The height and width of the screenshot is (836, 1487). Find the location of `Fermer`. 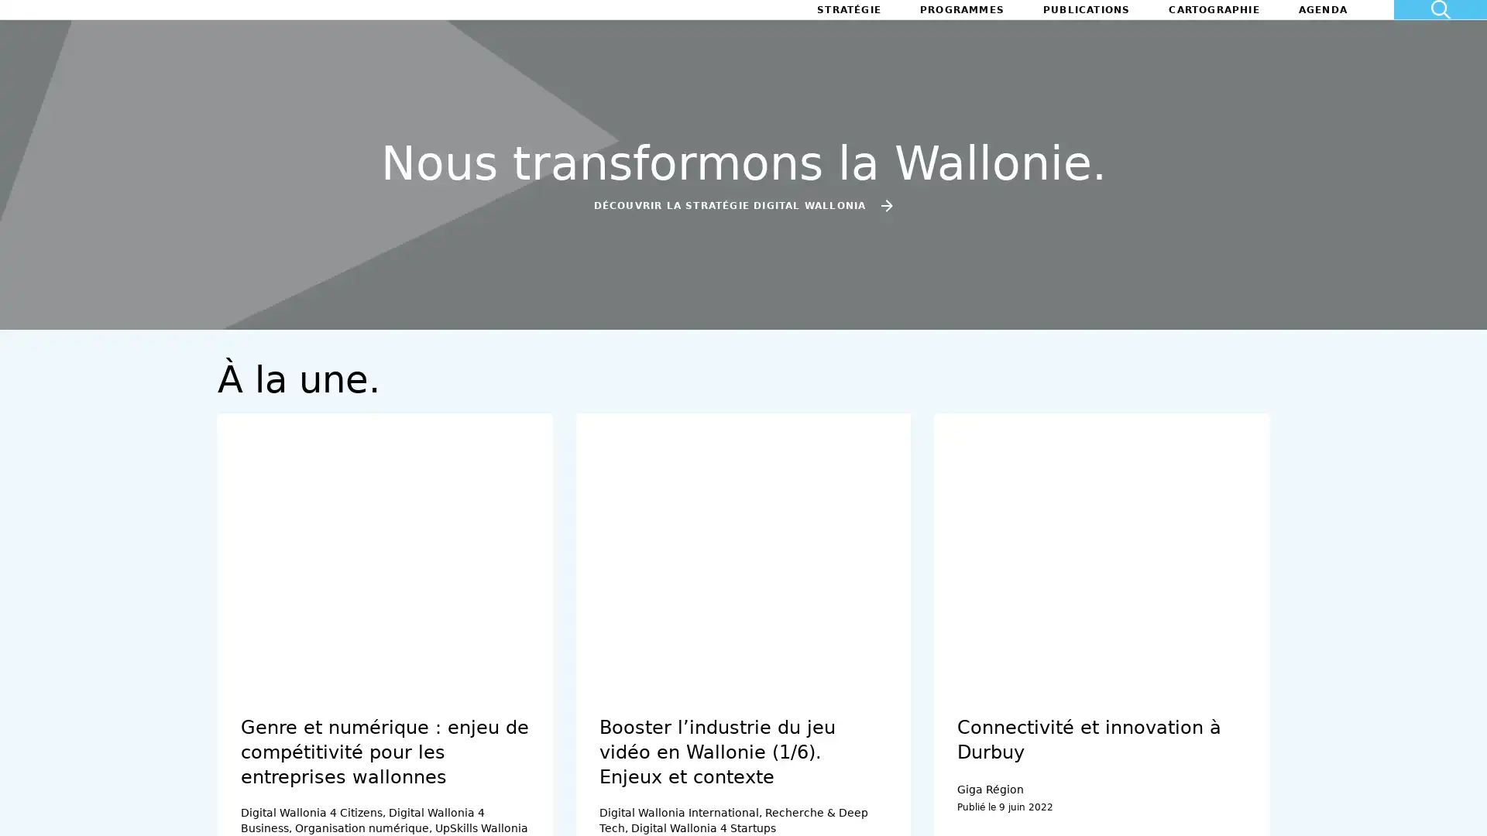

Fermer is located at coordinates (33, 808).